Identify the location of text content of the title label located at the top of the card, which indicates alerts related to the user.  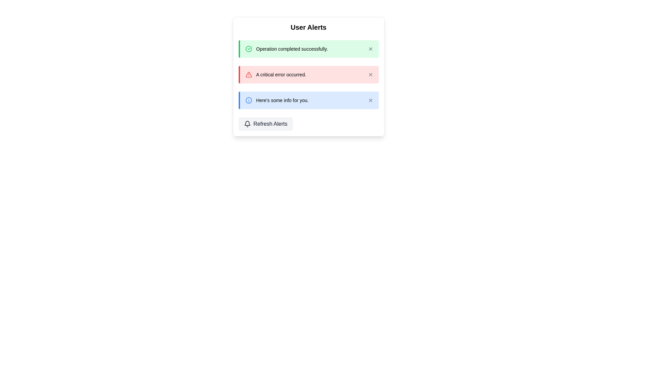
(308, 27).